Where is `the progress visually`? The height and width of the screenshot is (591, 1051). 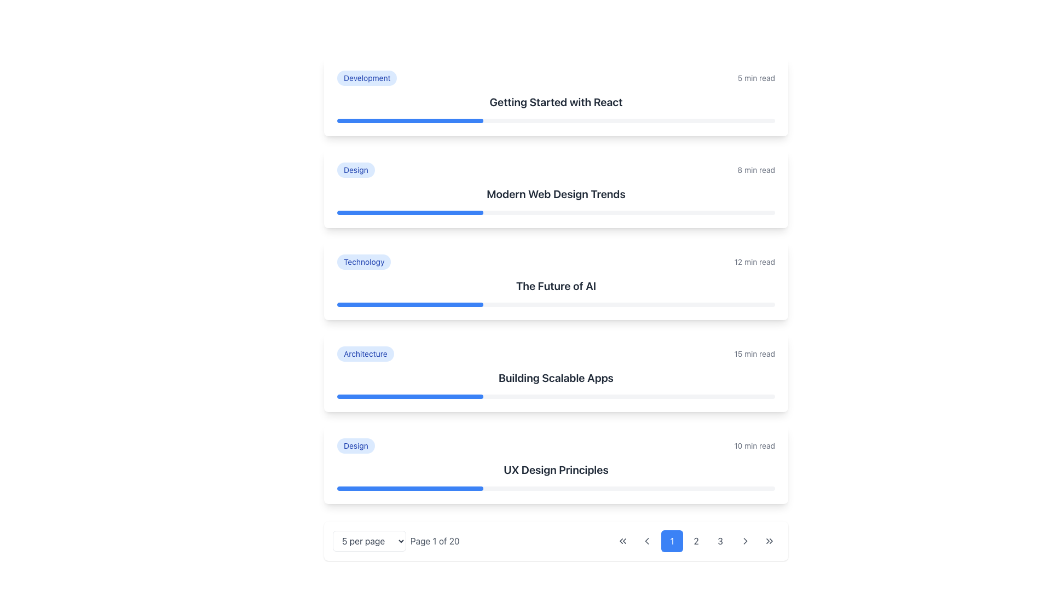
the progress visually is located at coordinates (409, 488).